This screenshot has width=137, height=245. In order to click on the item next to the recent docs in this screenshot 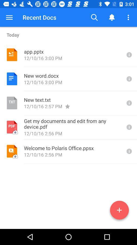, I will do `click(94, 17)`.